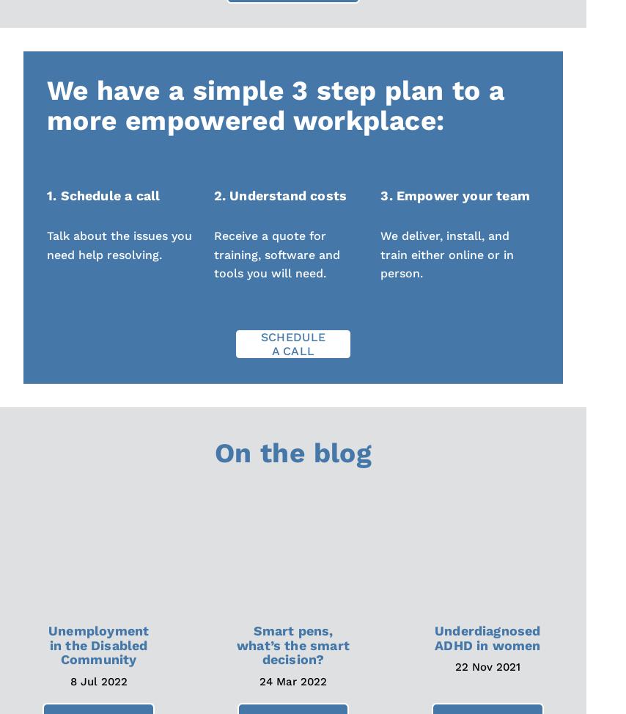 Image resolution: width=626 pixels, height=714 pixels. Describe the element at coordinates (292, 681) in the screenshot. I see `'24 Mar 2022'` at that location.